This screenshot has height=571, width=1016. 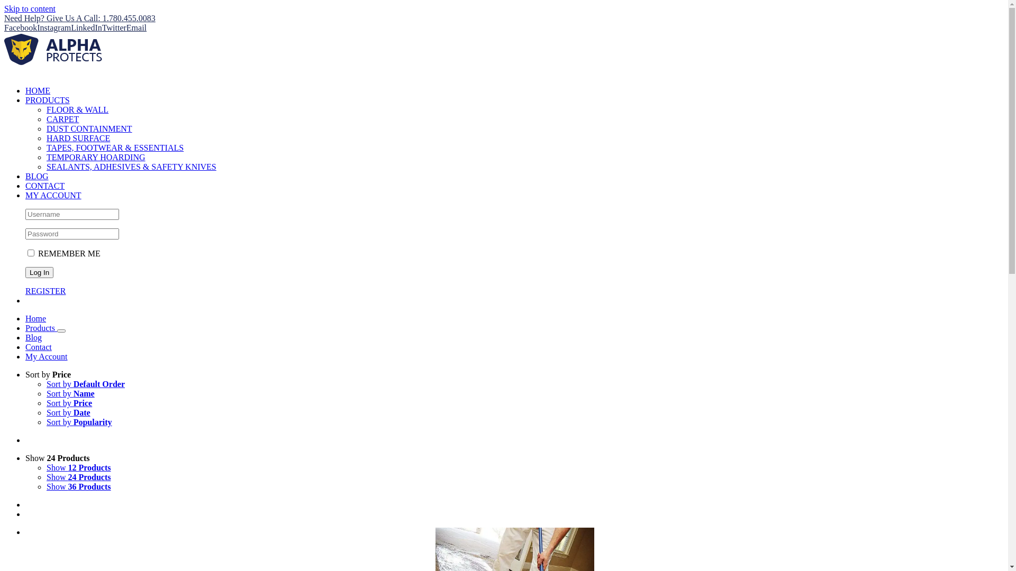 What do you see at coordinates (30, 8) in the screenshot?
I see `'Skip to content'` at bounding box center [30, 8].